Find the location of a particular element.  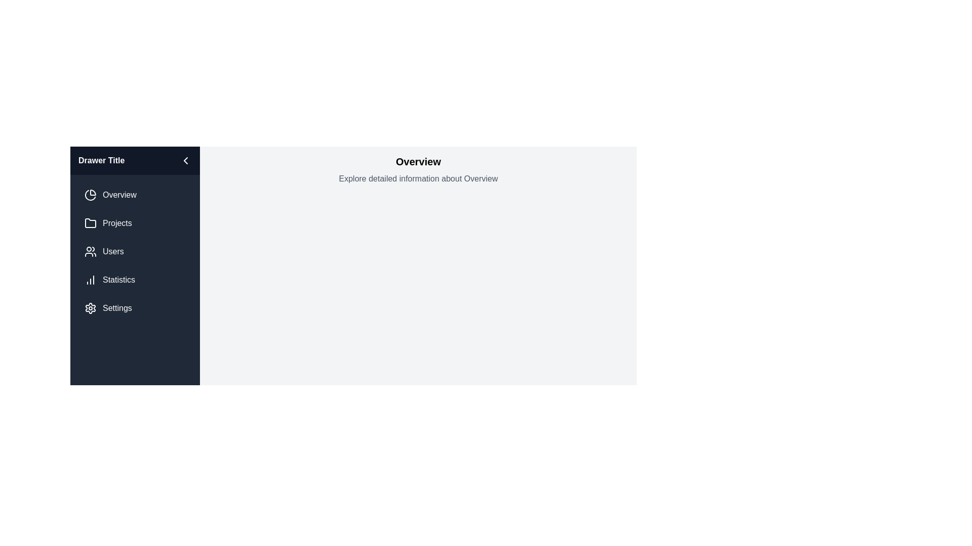

the drawer title text to select it is located at coordinates (101, 160).